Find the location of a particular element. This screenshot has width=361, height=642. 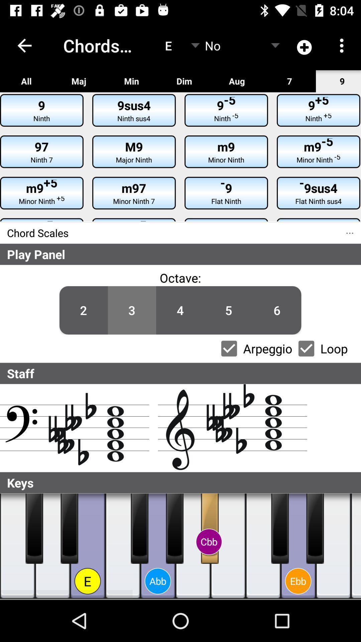

make e note sound is located at coordinates (87, 546).